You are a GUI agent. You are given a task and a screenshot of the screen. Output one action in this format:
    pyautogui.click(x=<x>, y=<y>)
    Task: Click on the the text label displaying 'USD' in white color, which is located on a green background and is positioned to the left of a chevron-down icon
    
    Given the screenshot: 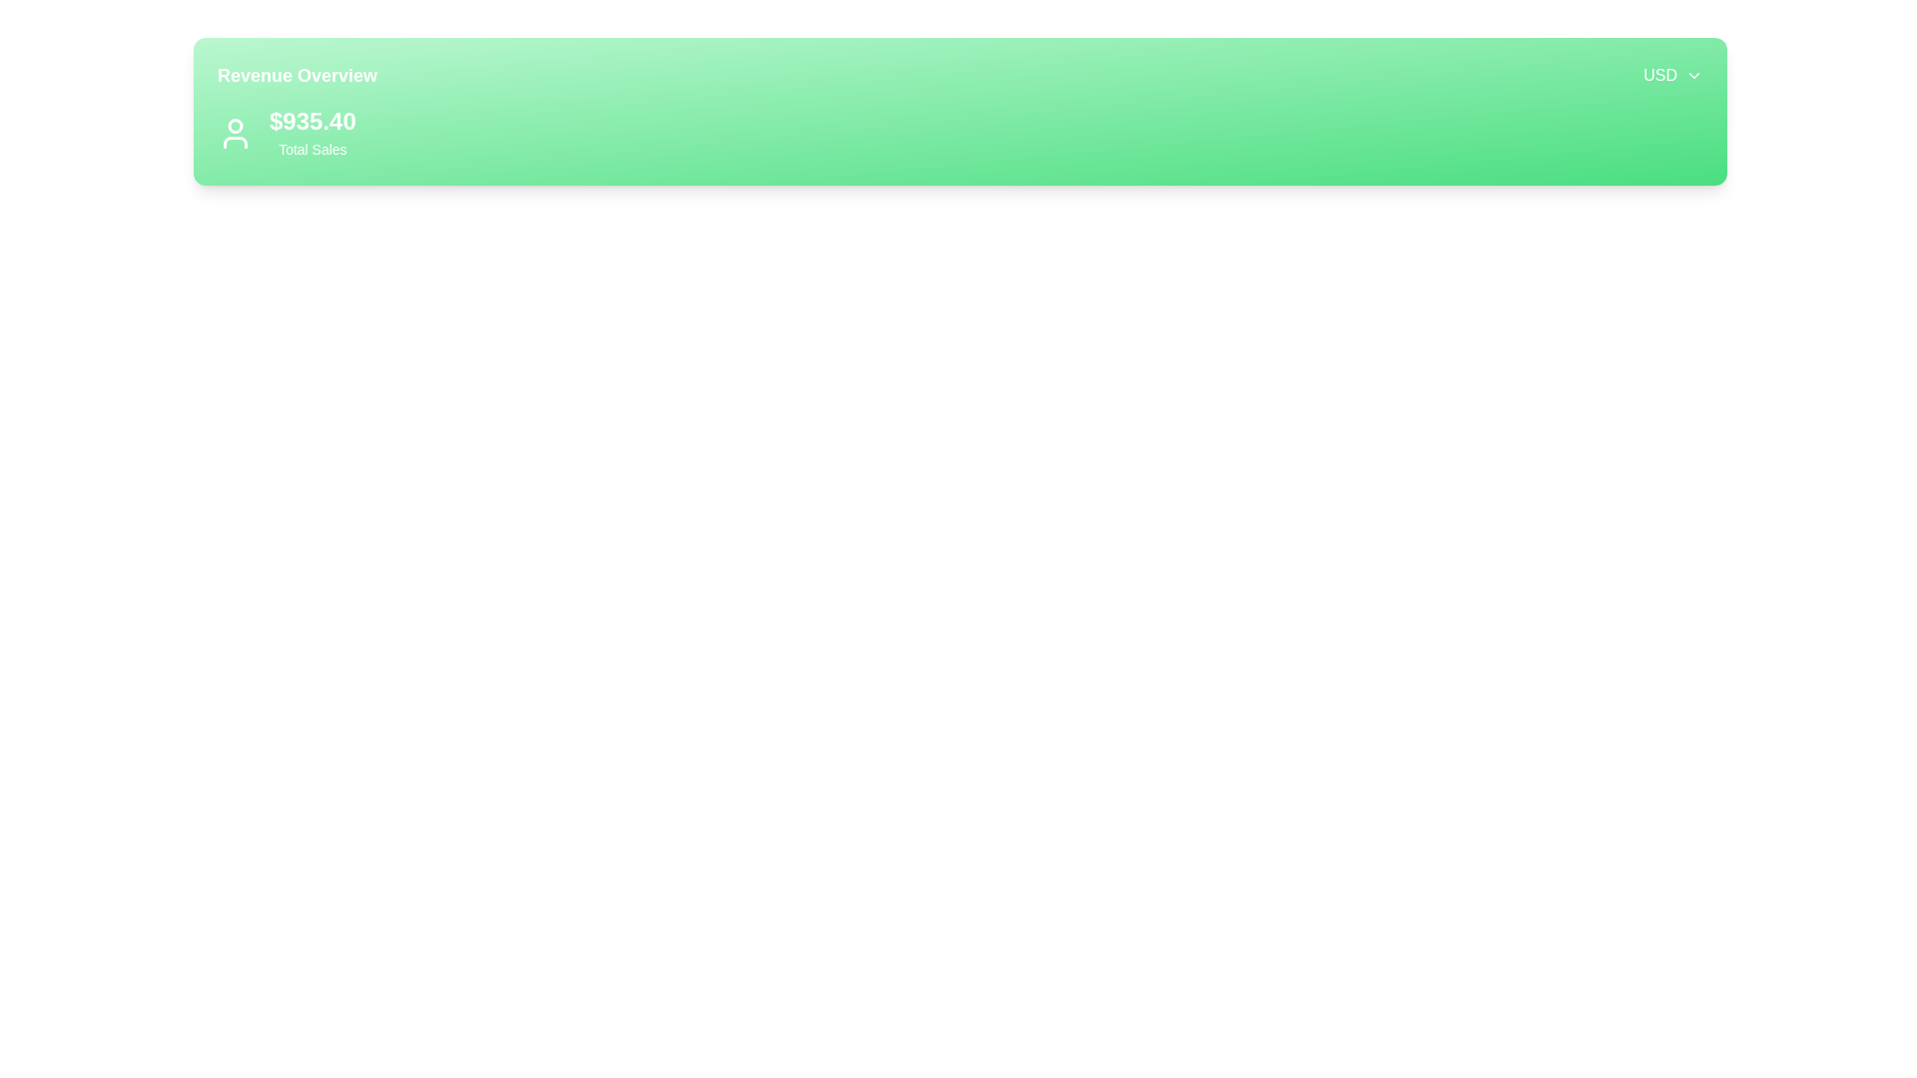 What is the action you would take?
    pyautogui.click(x=1660, y=75)
    